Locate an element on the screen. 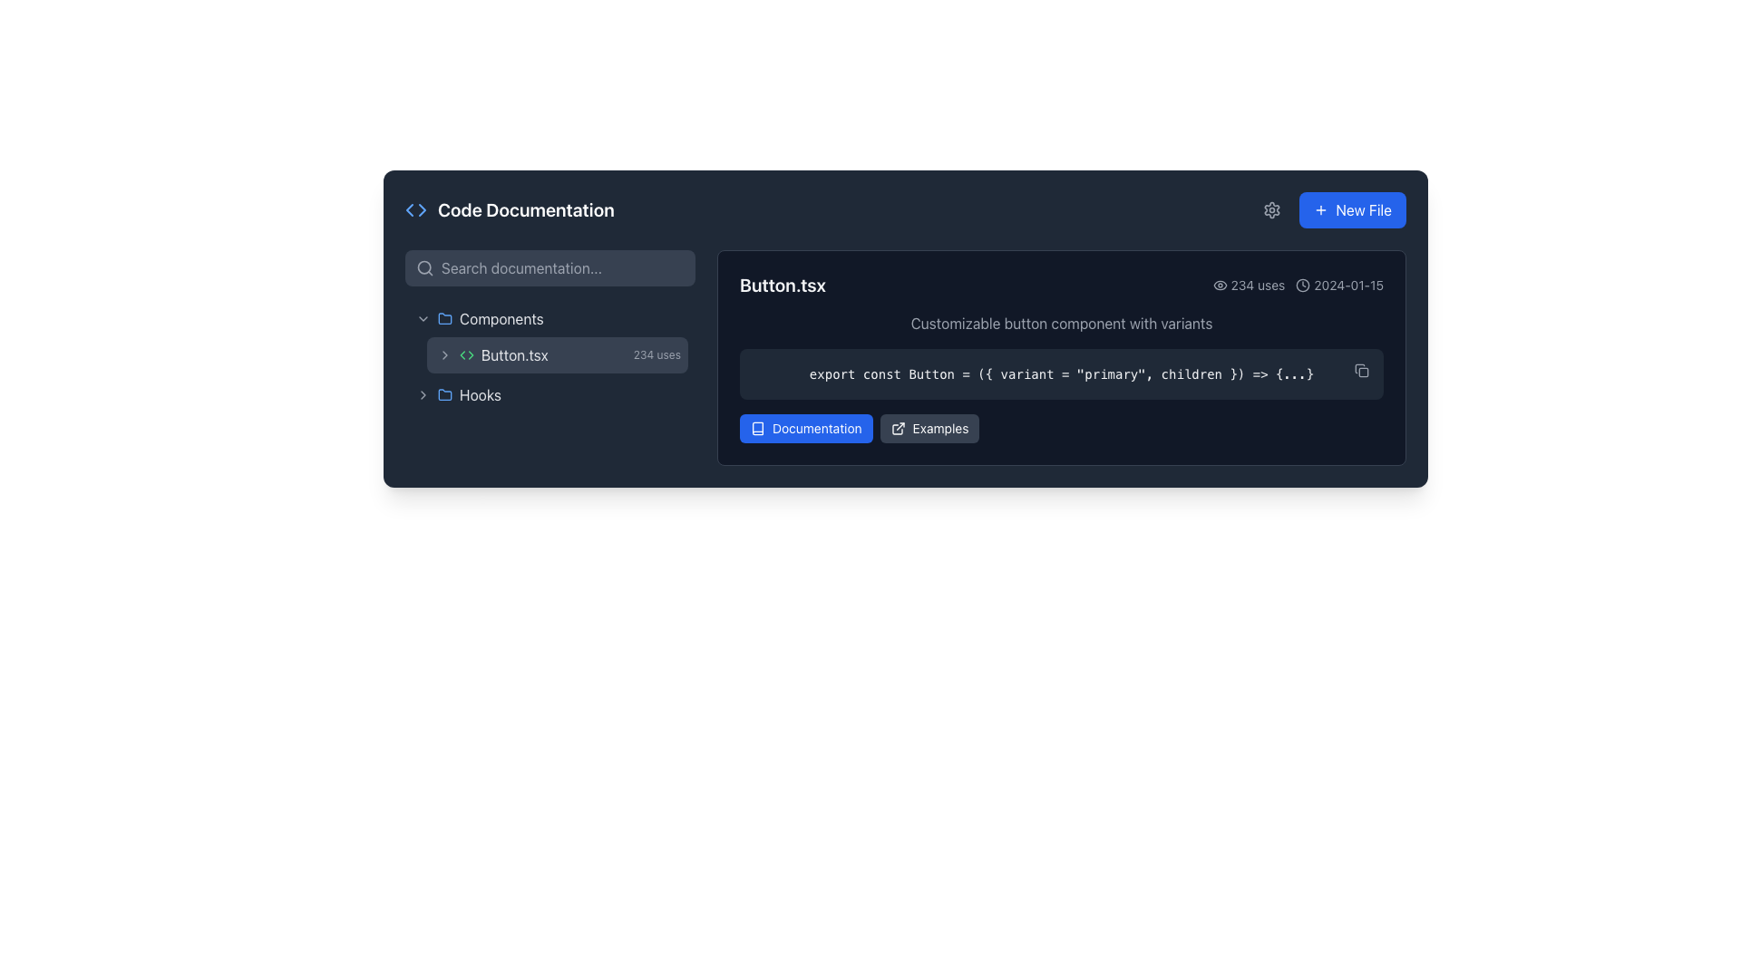 The width and height of the screenshot is (1741, 979). the external link icon located to the right side of the 'Examples' button is located at coordinates (898, 429).